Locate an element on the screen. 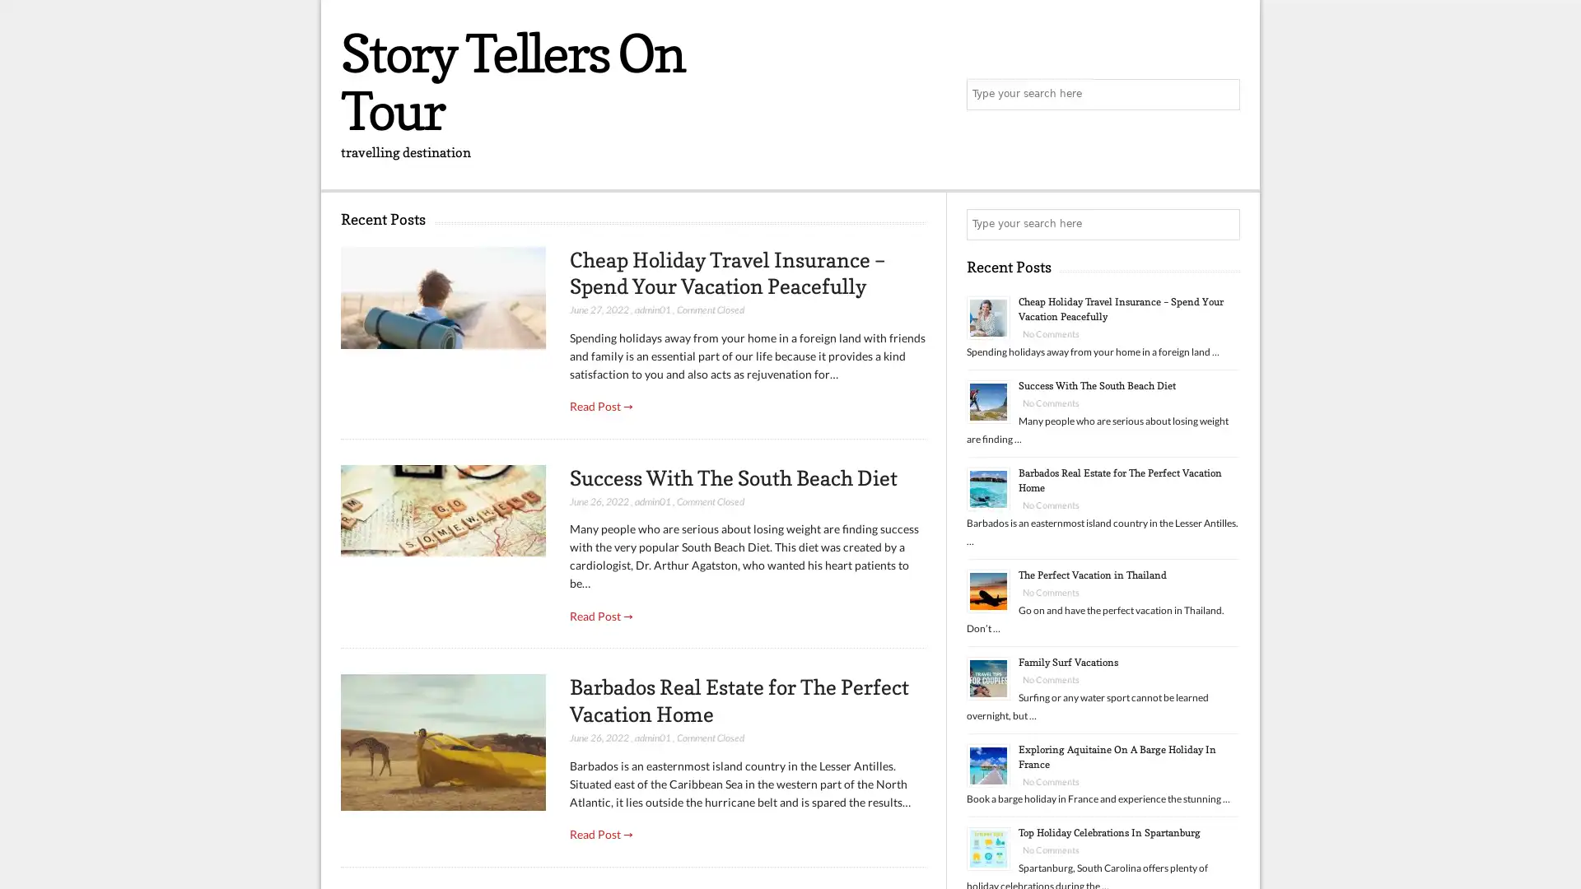  Search is located at coordinates (1223, 95).